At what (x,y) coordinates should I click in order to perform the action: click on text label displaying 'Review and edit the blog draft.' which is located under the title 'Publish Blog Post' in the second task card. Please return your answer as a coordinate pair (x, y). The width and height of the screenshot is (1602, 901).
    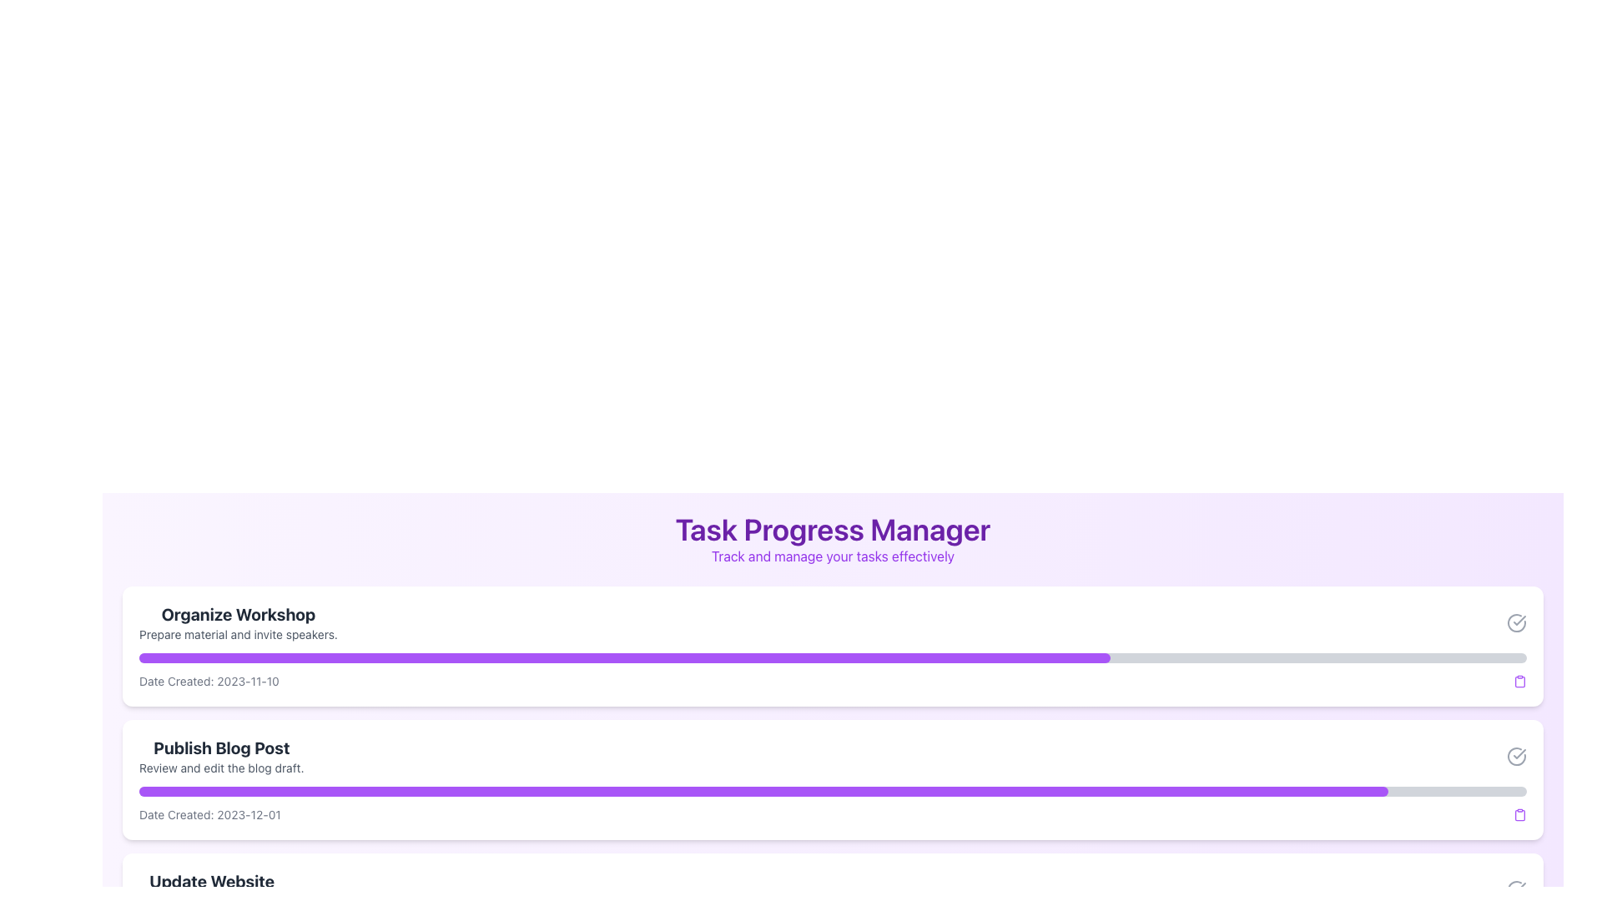
    Looking at the image, I should click on (220, 768).